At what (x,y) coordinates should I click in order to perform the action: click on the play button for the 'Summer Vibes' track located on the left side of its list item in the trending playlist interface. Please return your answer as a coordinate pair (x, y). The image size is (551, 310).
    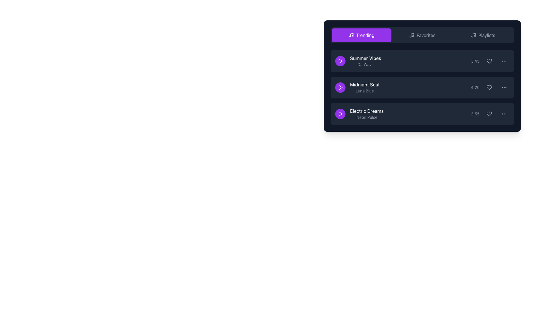
    Looking at the image, I should click on (340, 61).